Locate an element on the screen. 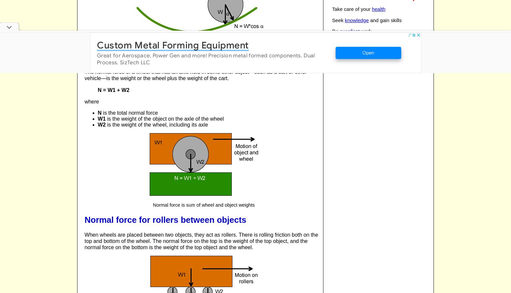 This screenshot has height=293, width=511. 'The normal force of a wheel that has an axle held in some other object—such as a cart or other vehicle—is the weight or the wheel plus the weight of the cart.' is located at coordinates (84, 75).